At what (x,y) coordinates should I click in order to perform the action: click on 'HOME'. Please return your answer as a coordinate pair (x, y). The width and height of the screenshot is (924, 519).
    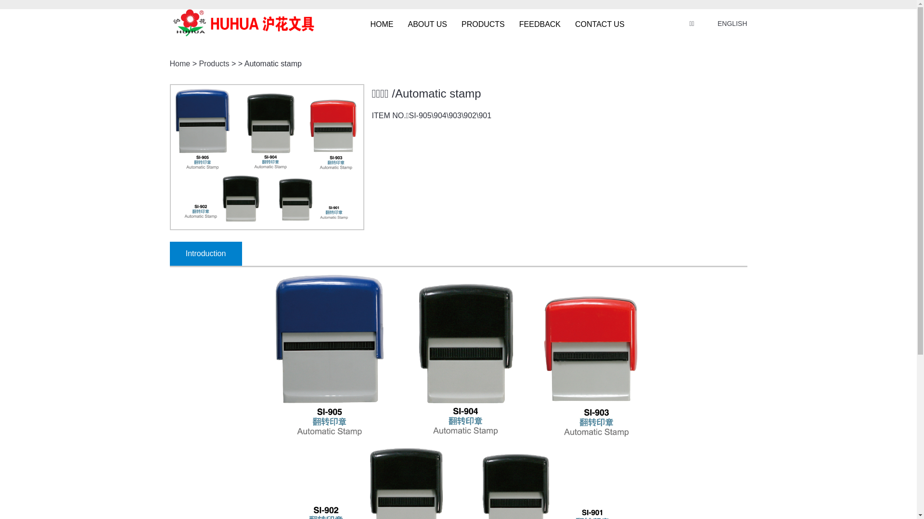
    Looking at the image, I should click on (381, 24).